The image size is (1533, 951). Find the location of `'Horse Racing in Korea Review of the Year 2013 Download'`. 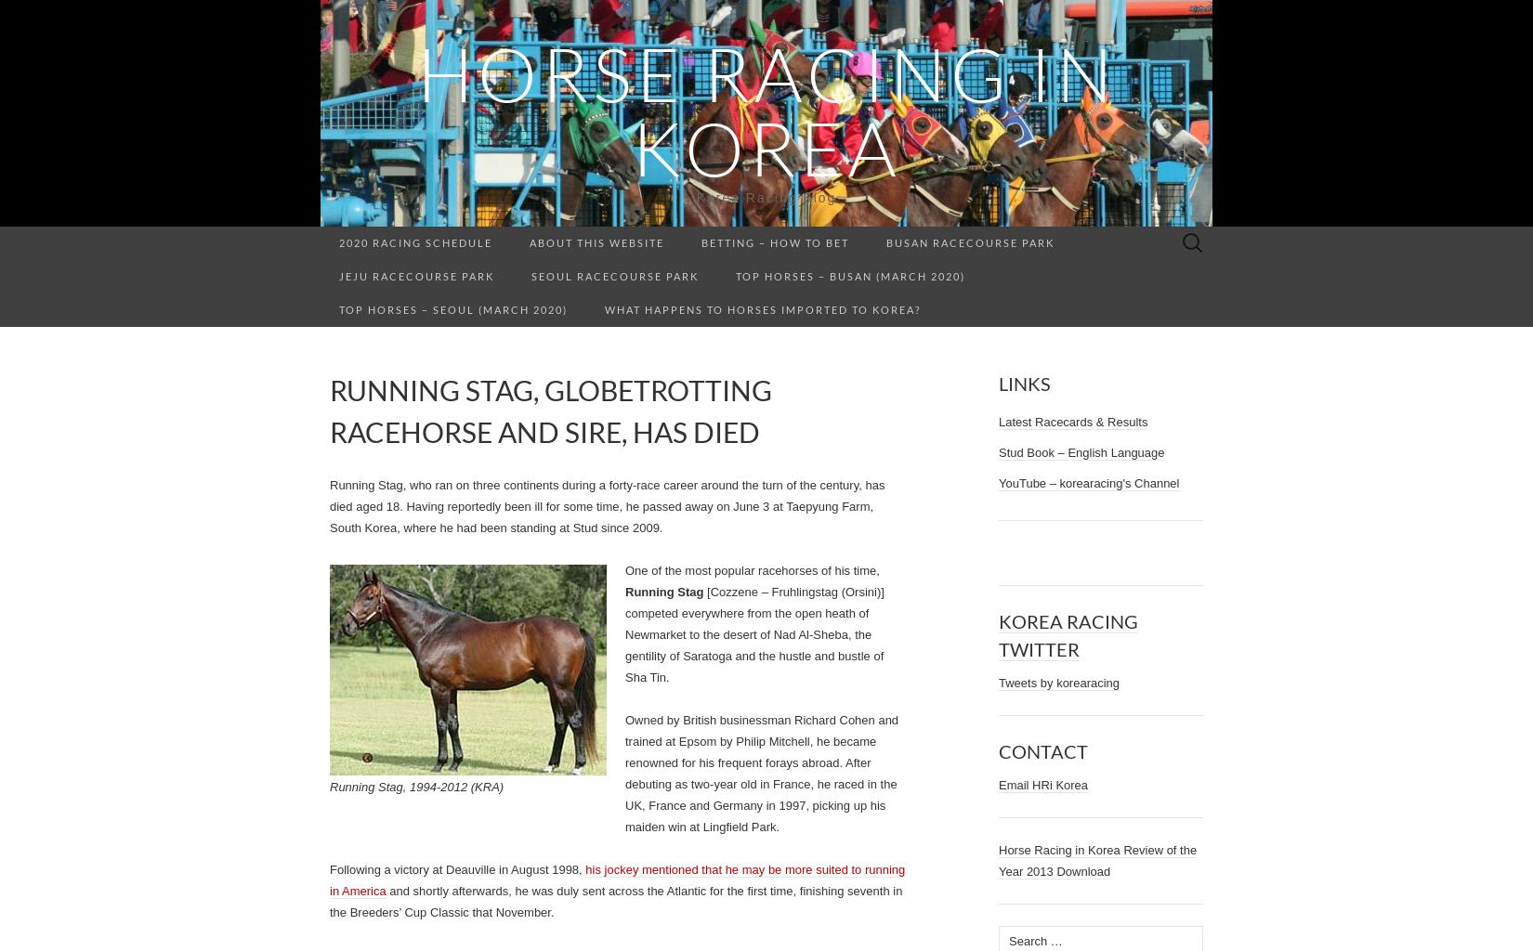

'Horse Racing in Korea Review of the Year 2013 Download' is located at coordinates (1097, 860).